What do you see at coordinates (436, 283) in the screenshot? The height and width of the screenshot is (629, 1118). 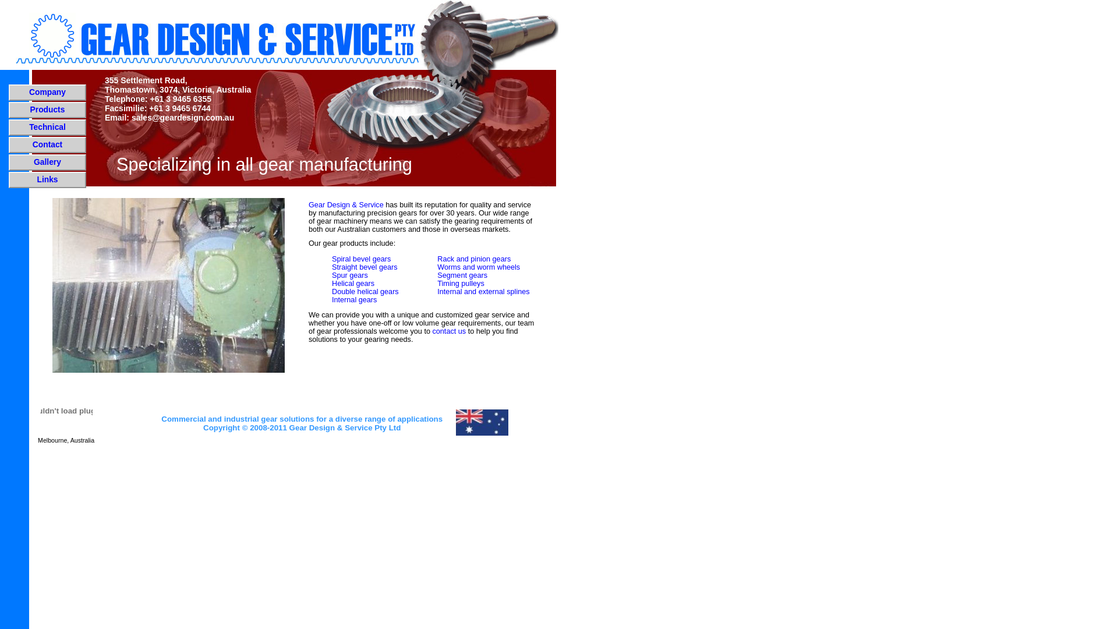 I see `'Timing pulleys'` at bounding box center [436, 283].